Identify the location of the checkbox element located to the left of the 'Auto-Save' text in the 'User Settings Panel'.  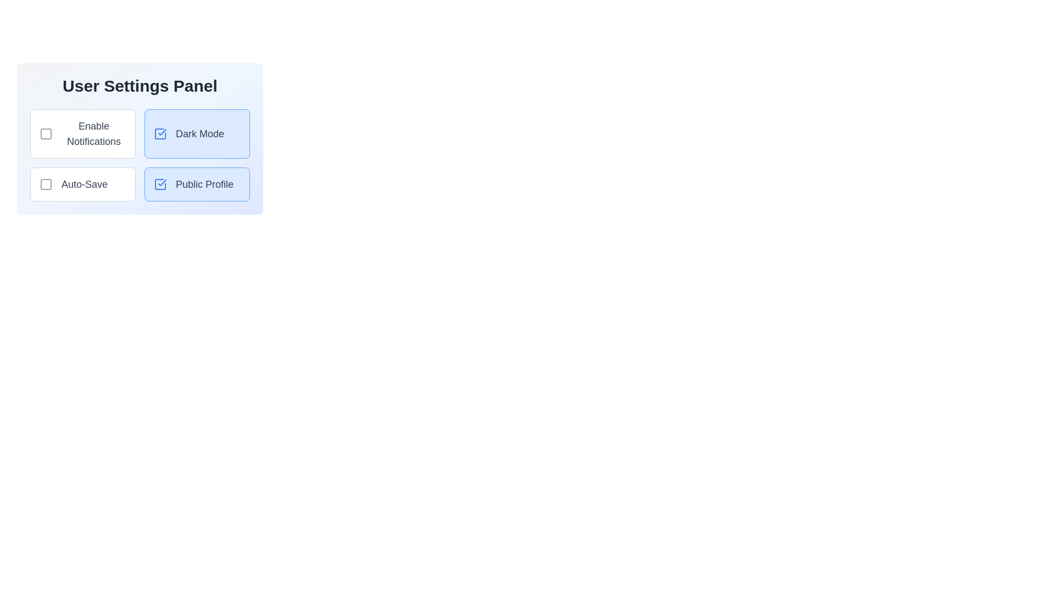
(45, 183).